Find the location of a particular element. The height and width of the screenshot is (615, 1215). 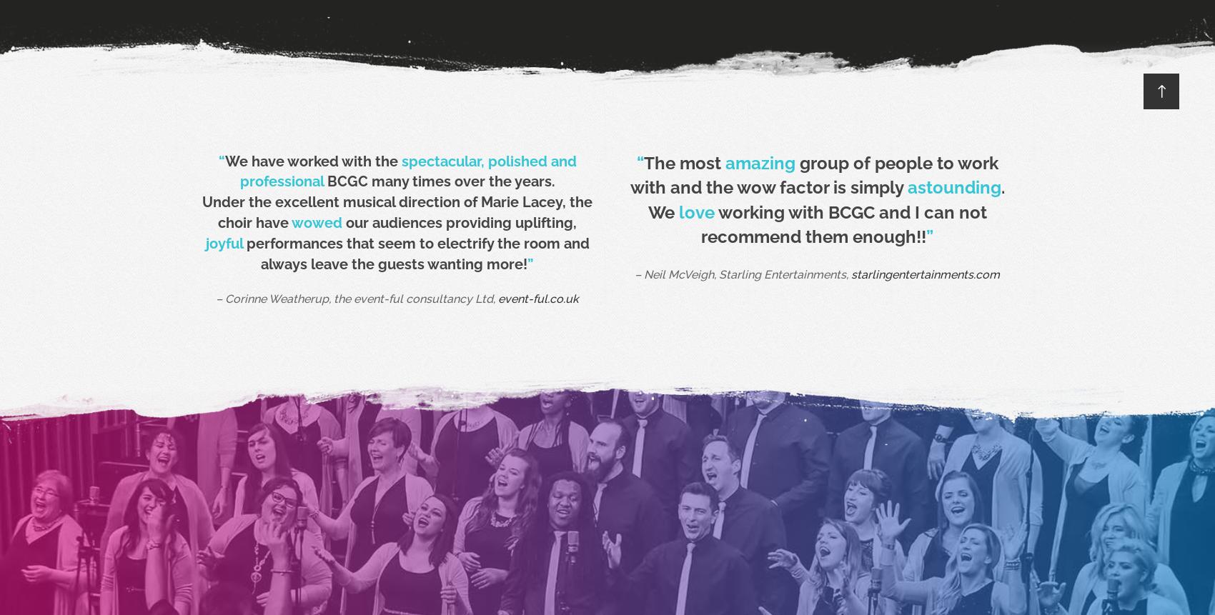

'We' is located at coordinates (663, 211).